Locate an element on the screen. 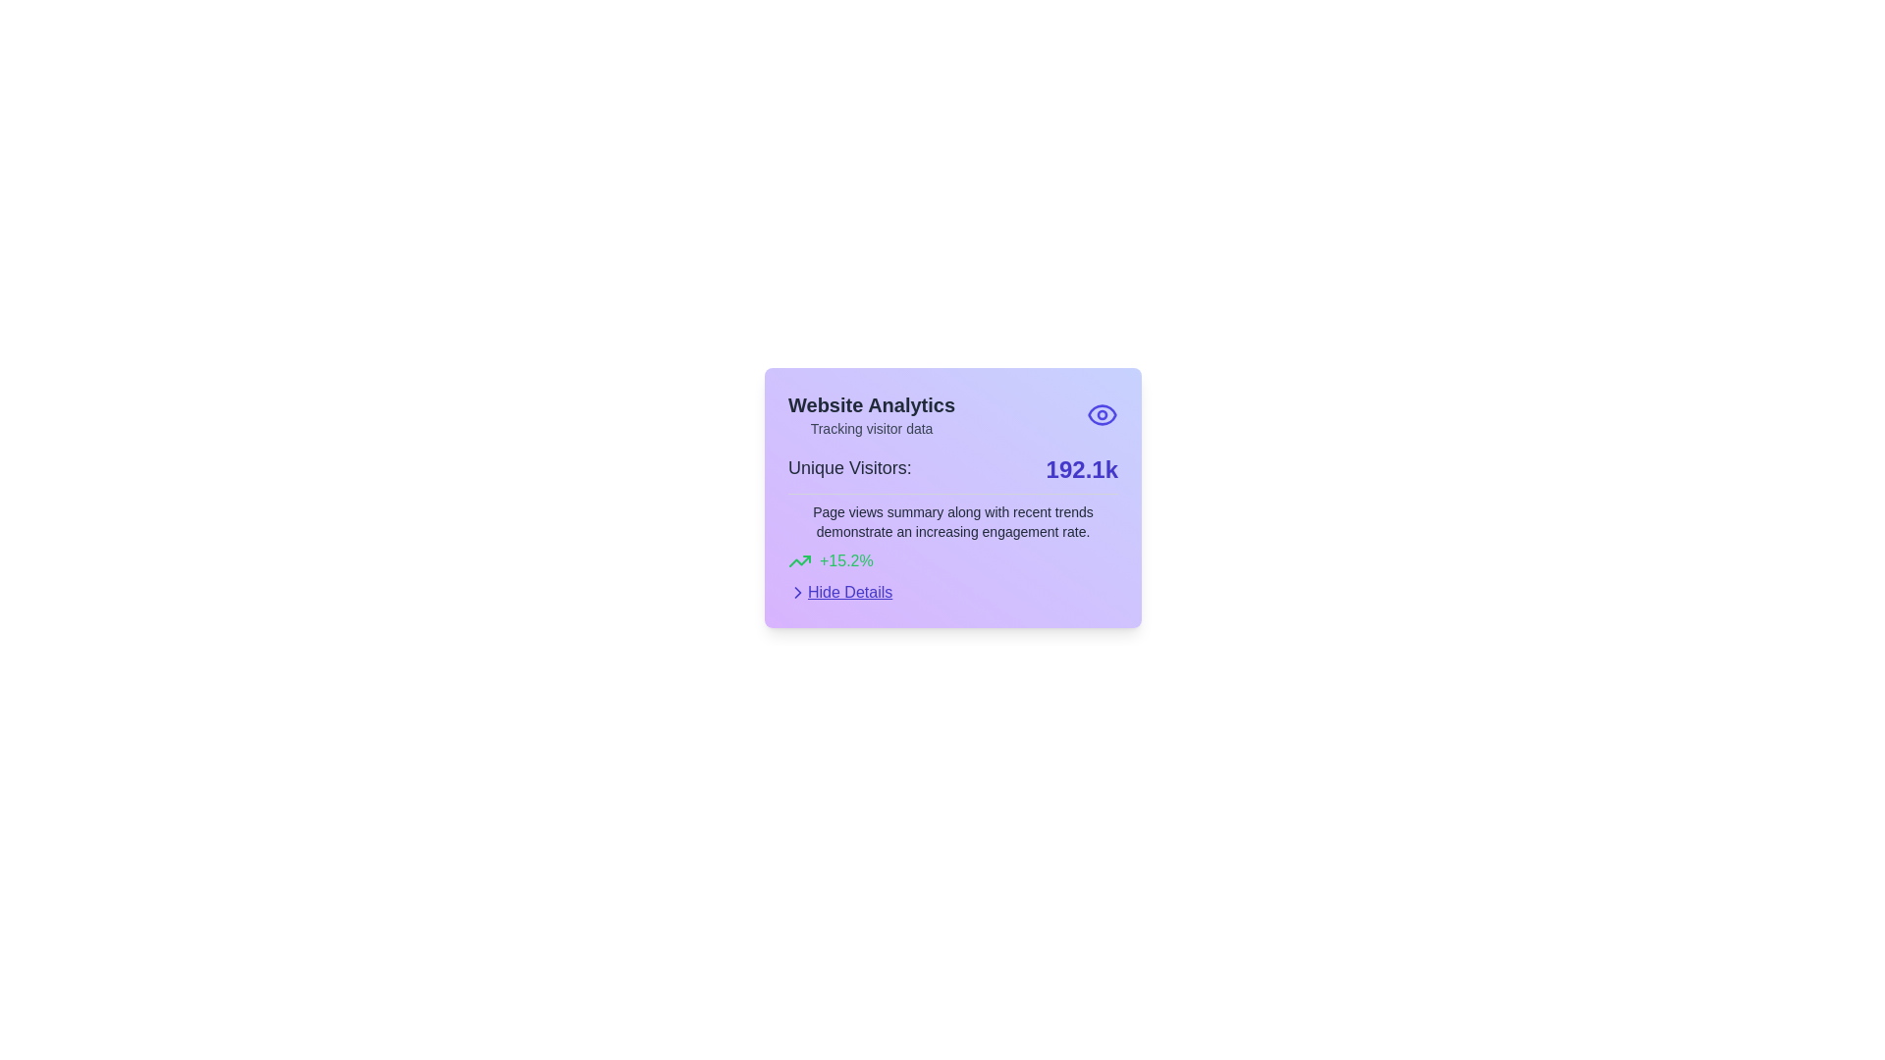  the data label is located at coordinates (952, 469).